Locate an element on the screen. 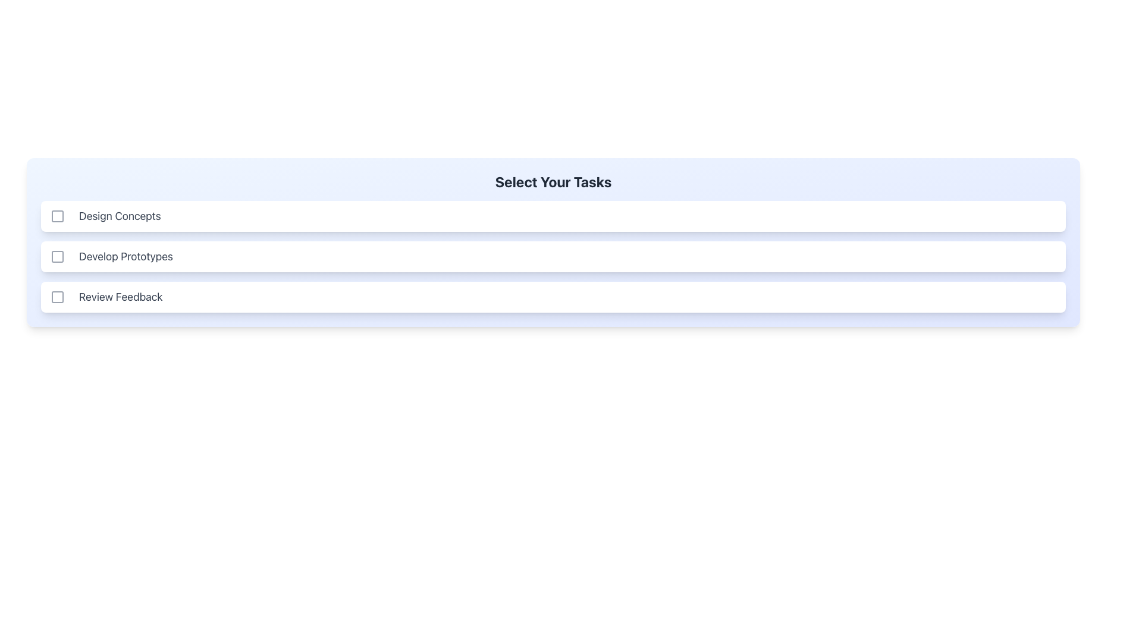 This screenshot has width=1142, height=642. the descriptive text label located in the second row of the task list, positioned between 'Design Concepts' and 'Review Feedback', aligned to the right of the checkbox is located at coordinates (126, 256).